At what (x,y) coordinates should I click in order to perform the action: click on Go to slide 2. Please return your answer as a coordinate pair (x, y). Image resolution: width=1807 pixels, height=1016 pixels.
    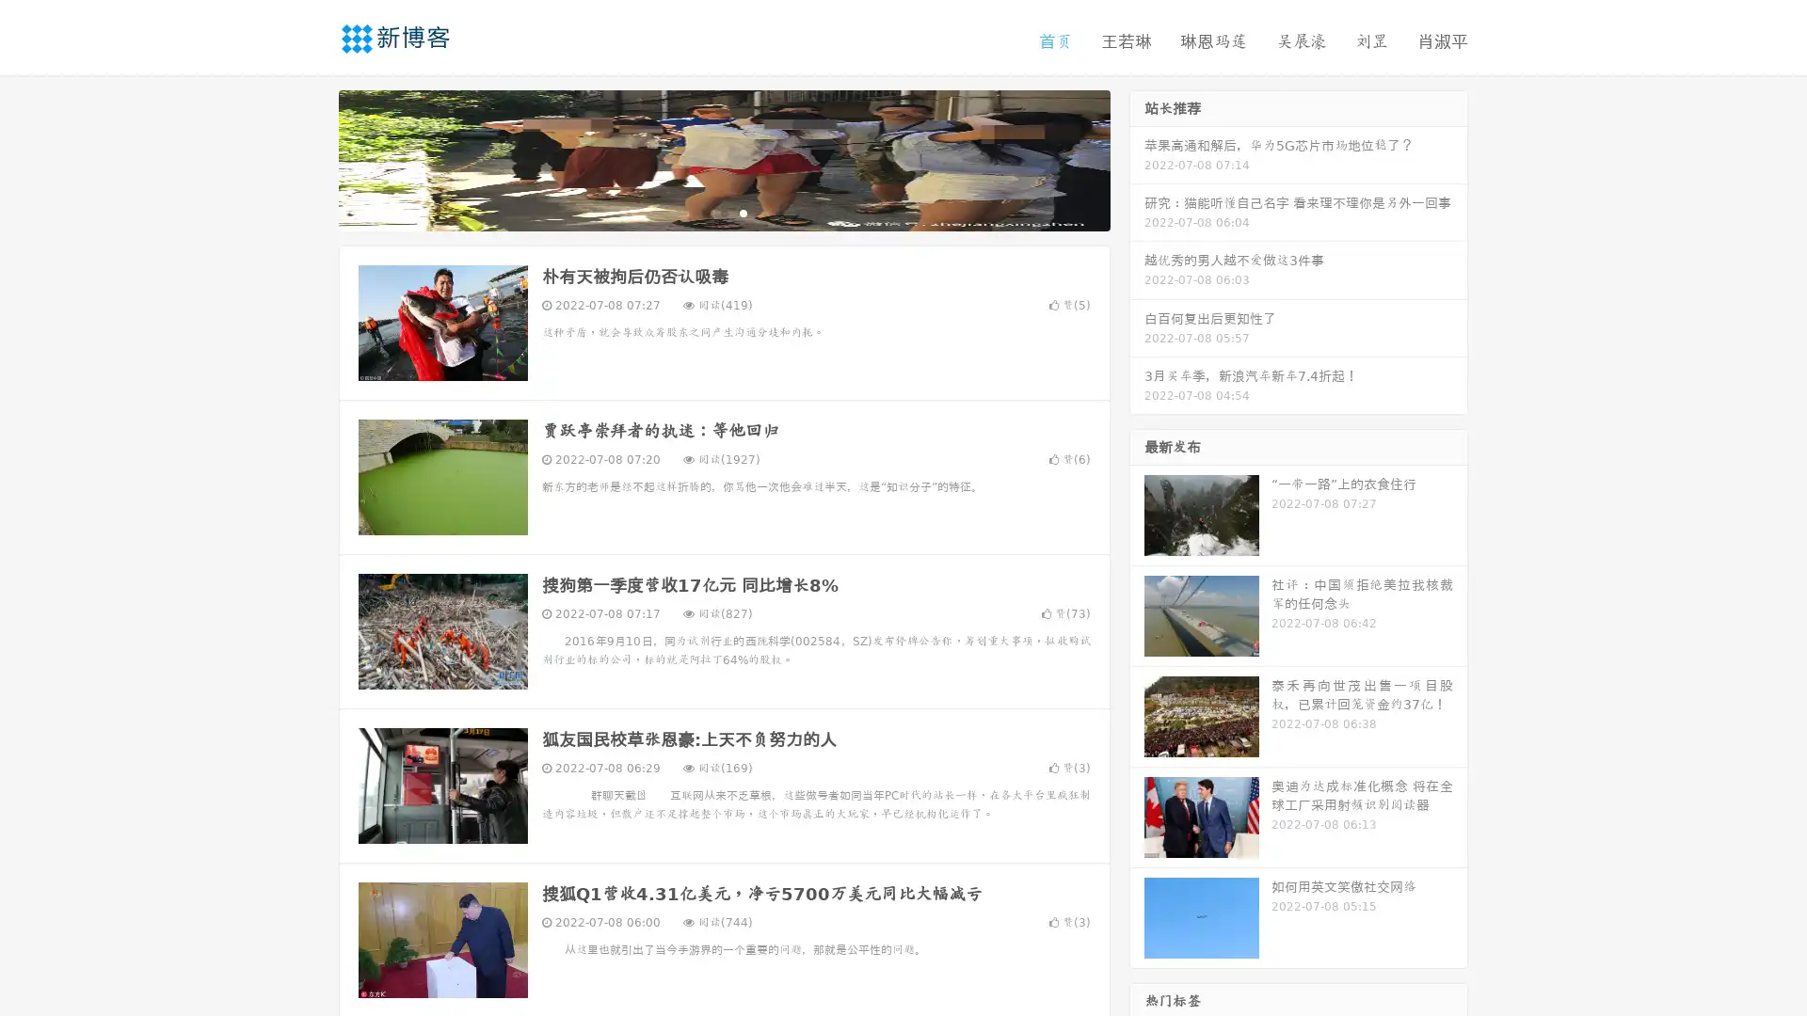
    Looking at the image, I should click on (723, 212).